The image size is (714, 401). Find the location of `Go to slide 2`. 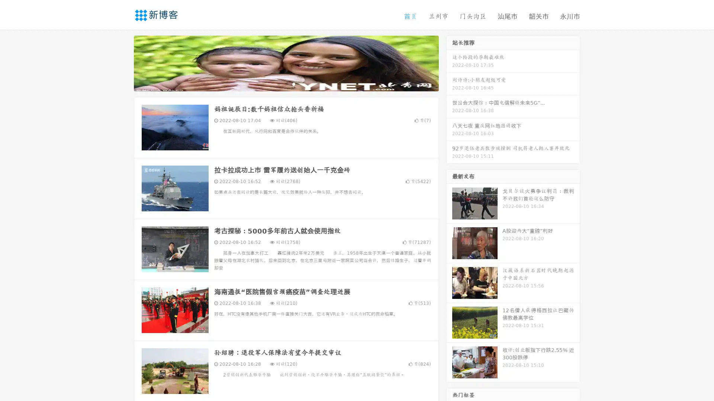

Go to slide 2 is located at coordinates (286, 84).